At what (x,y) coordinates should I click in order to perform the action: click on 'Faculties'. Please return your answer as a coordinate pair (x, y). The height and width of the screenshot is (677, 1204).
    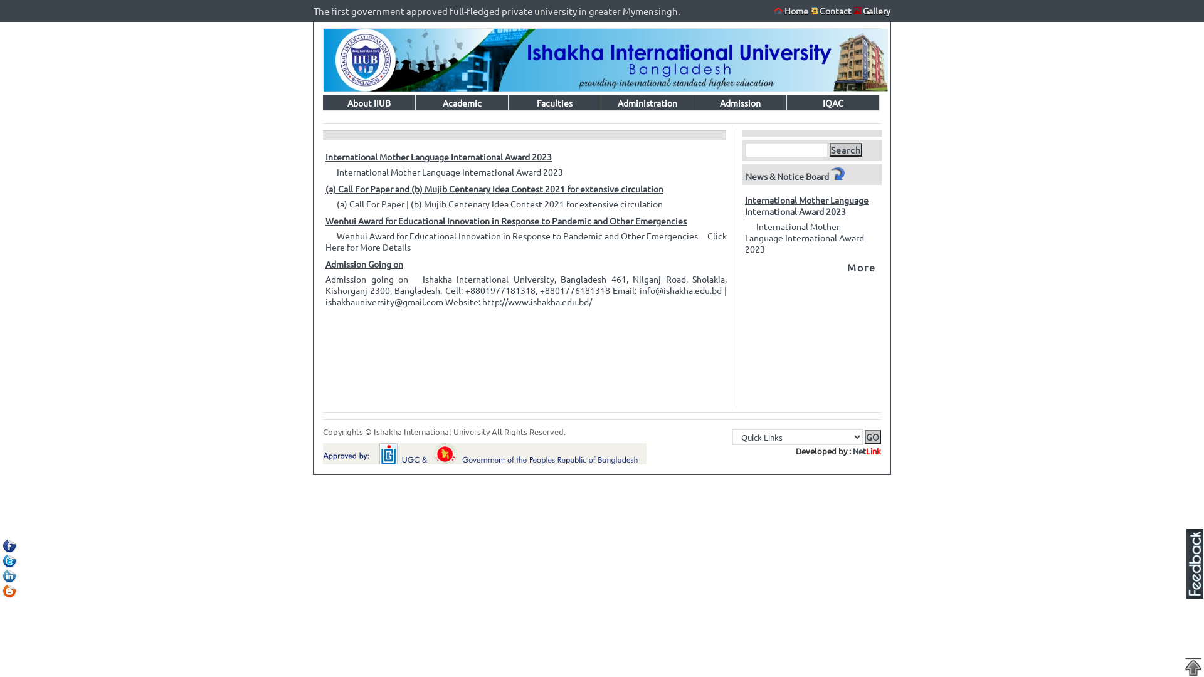
    Looking at the image, I should click on (554, 102).